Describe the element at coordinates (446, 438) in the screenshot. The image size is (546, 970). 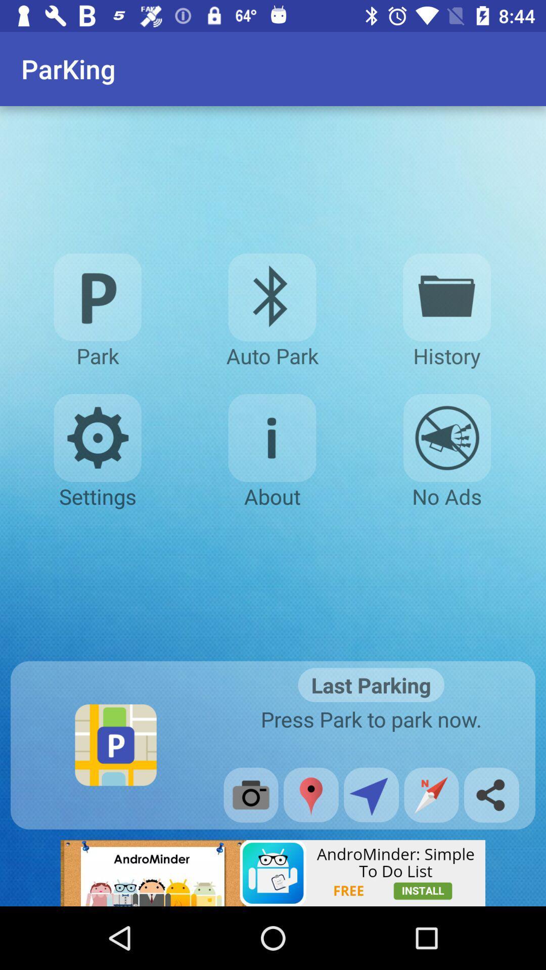
I see `disable advertisement option` at that location.